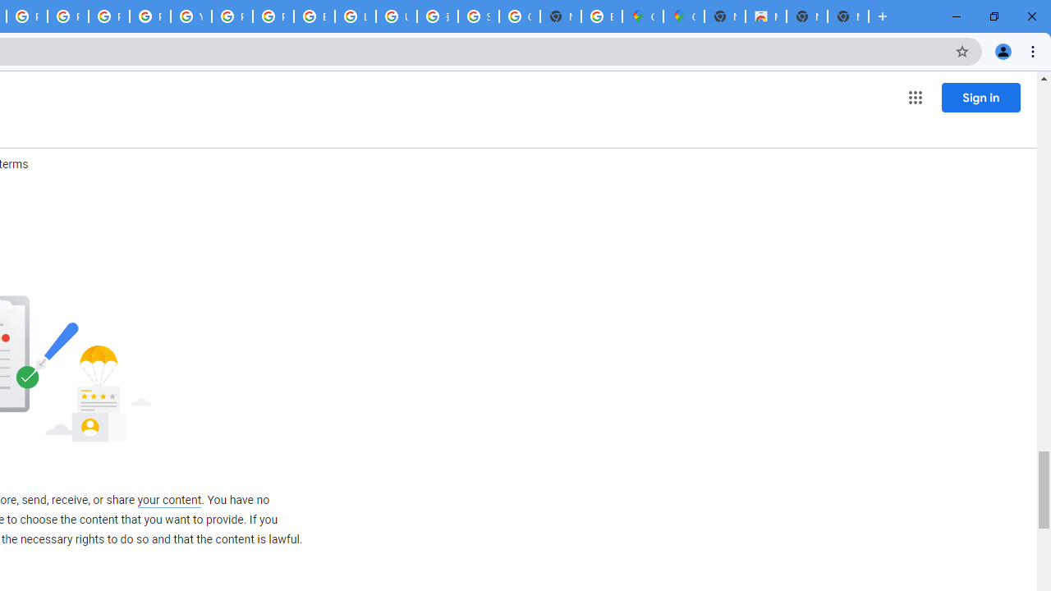 This screenshot has width=1051, height=591. What do you see at coordinates (914, 98) in the screenshot?
I see `'Google apps'` at bounding box center [914, 98].